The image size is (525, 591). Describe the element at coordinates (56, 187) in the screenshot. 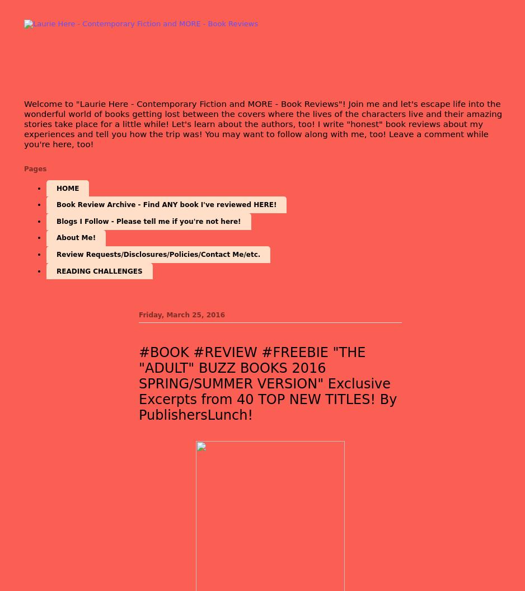

I see `'HOME'` at that location.